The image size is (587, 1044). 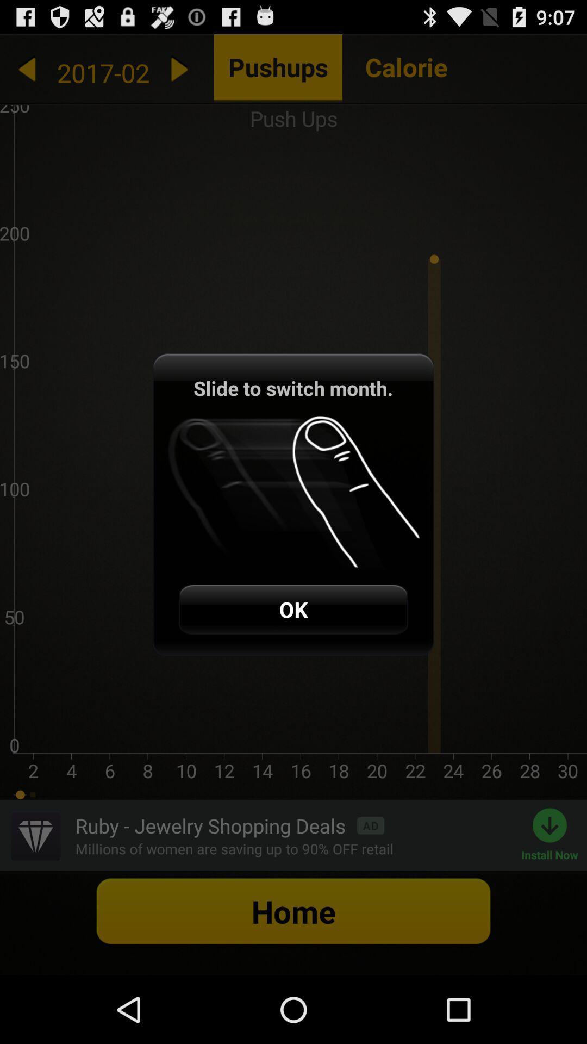 What do you see at coordinates (293, 609) in the screenshot?
I see `the ok` at bounding box center [293, 609].